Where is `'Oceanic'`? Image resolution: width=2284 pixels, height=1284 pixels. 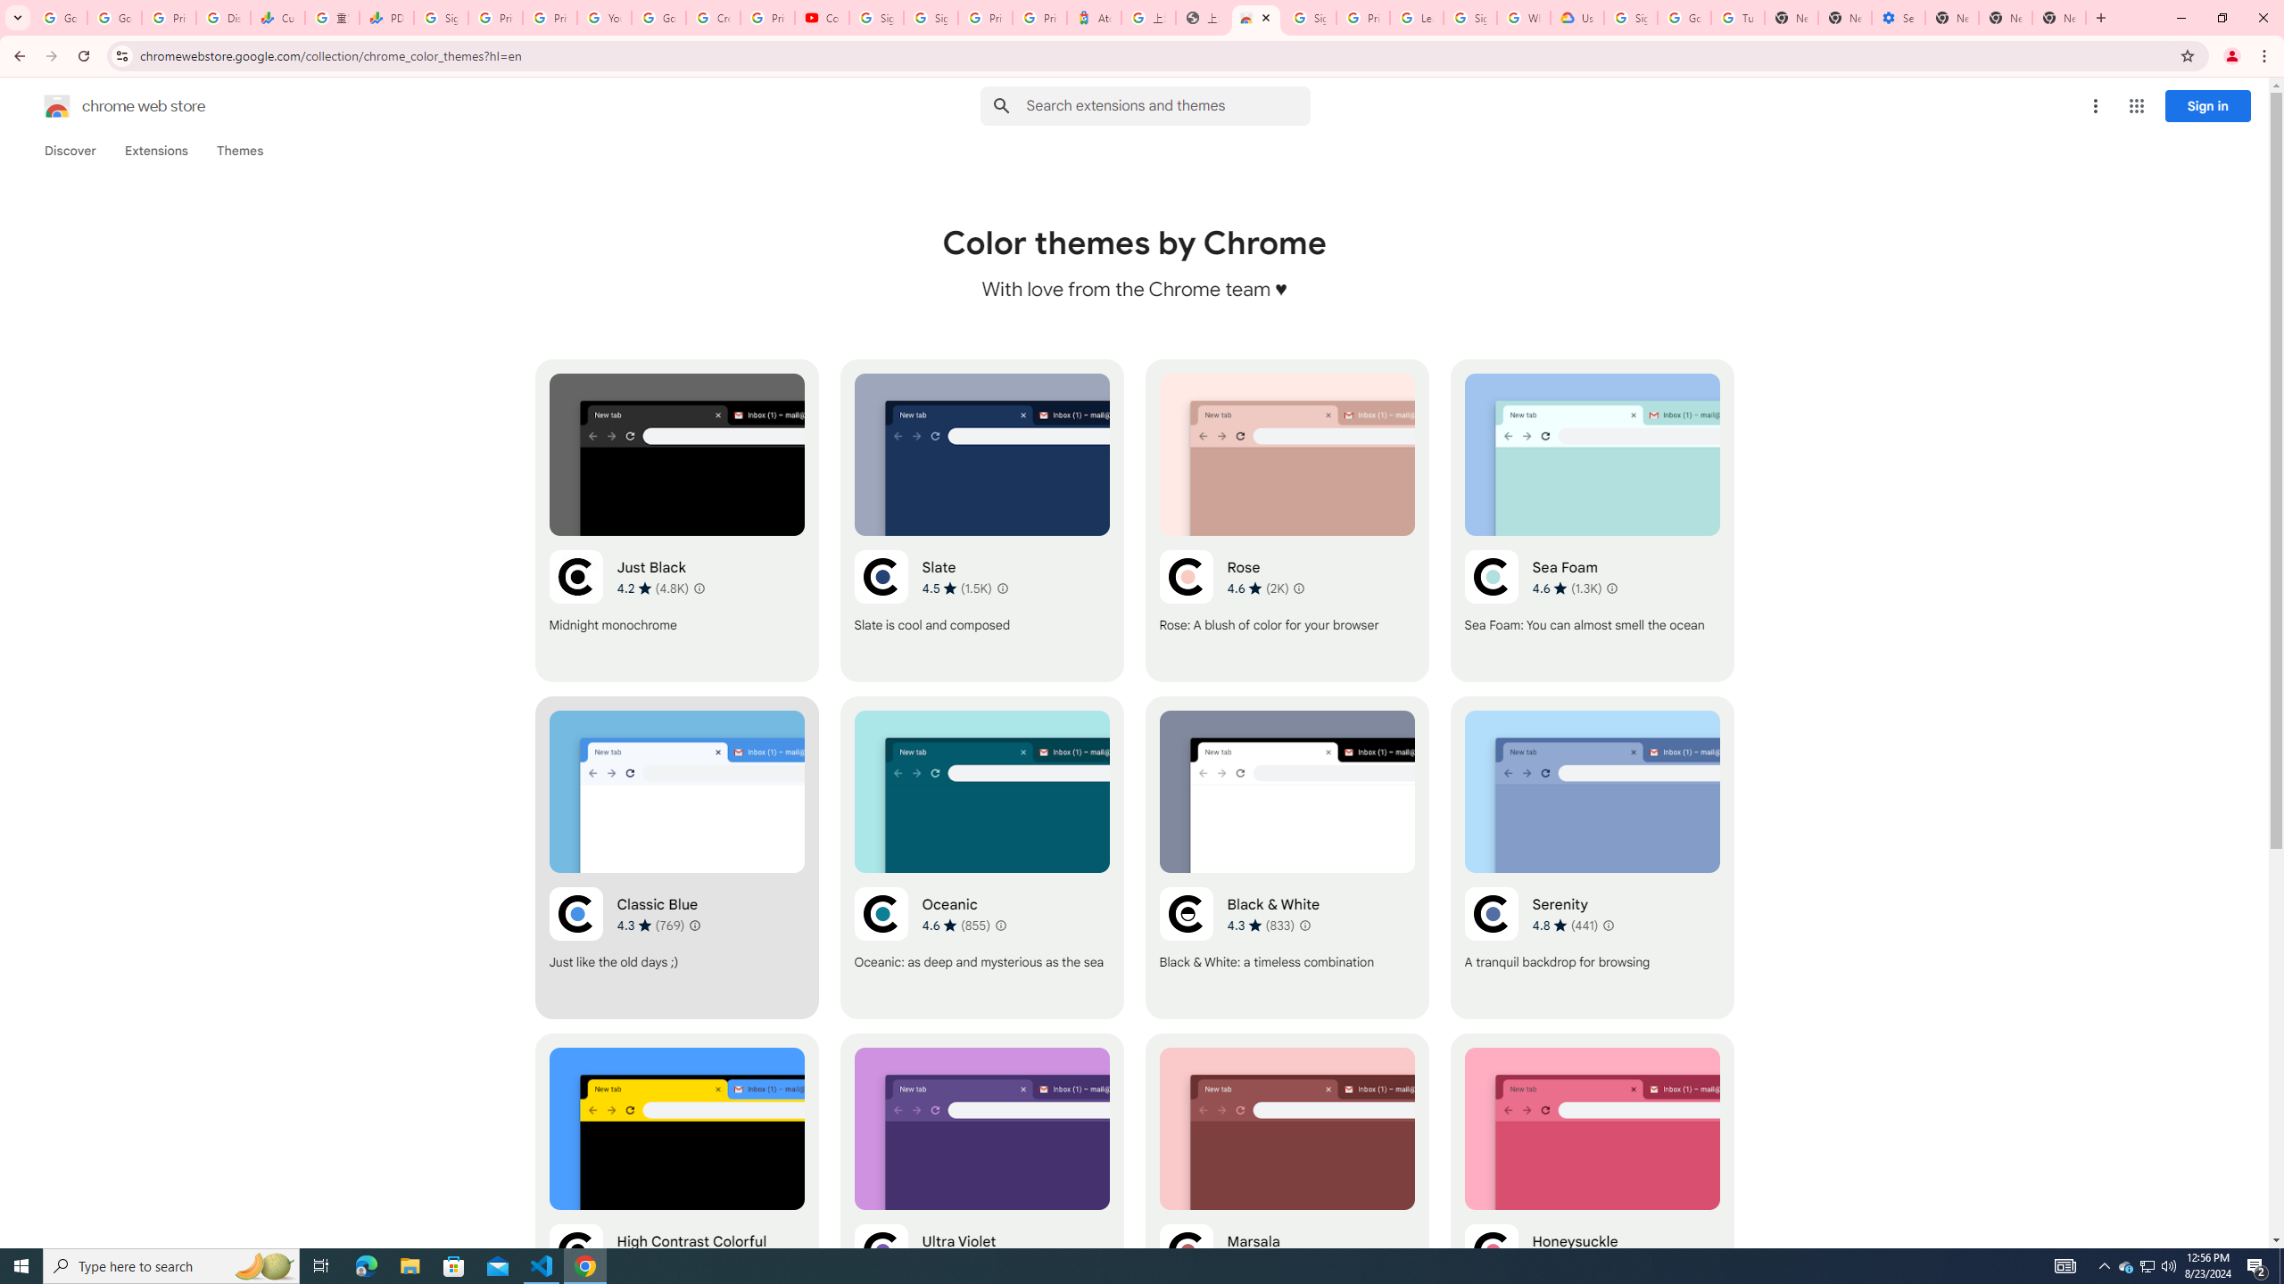 'Oceanic' is located at coordinates (981, 857).